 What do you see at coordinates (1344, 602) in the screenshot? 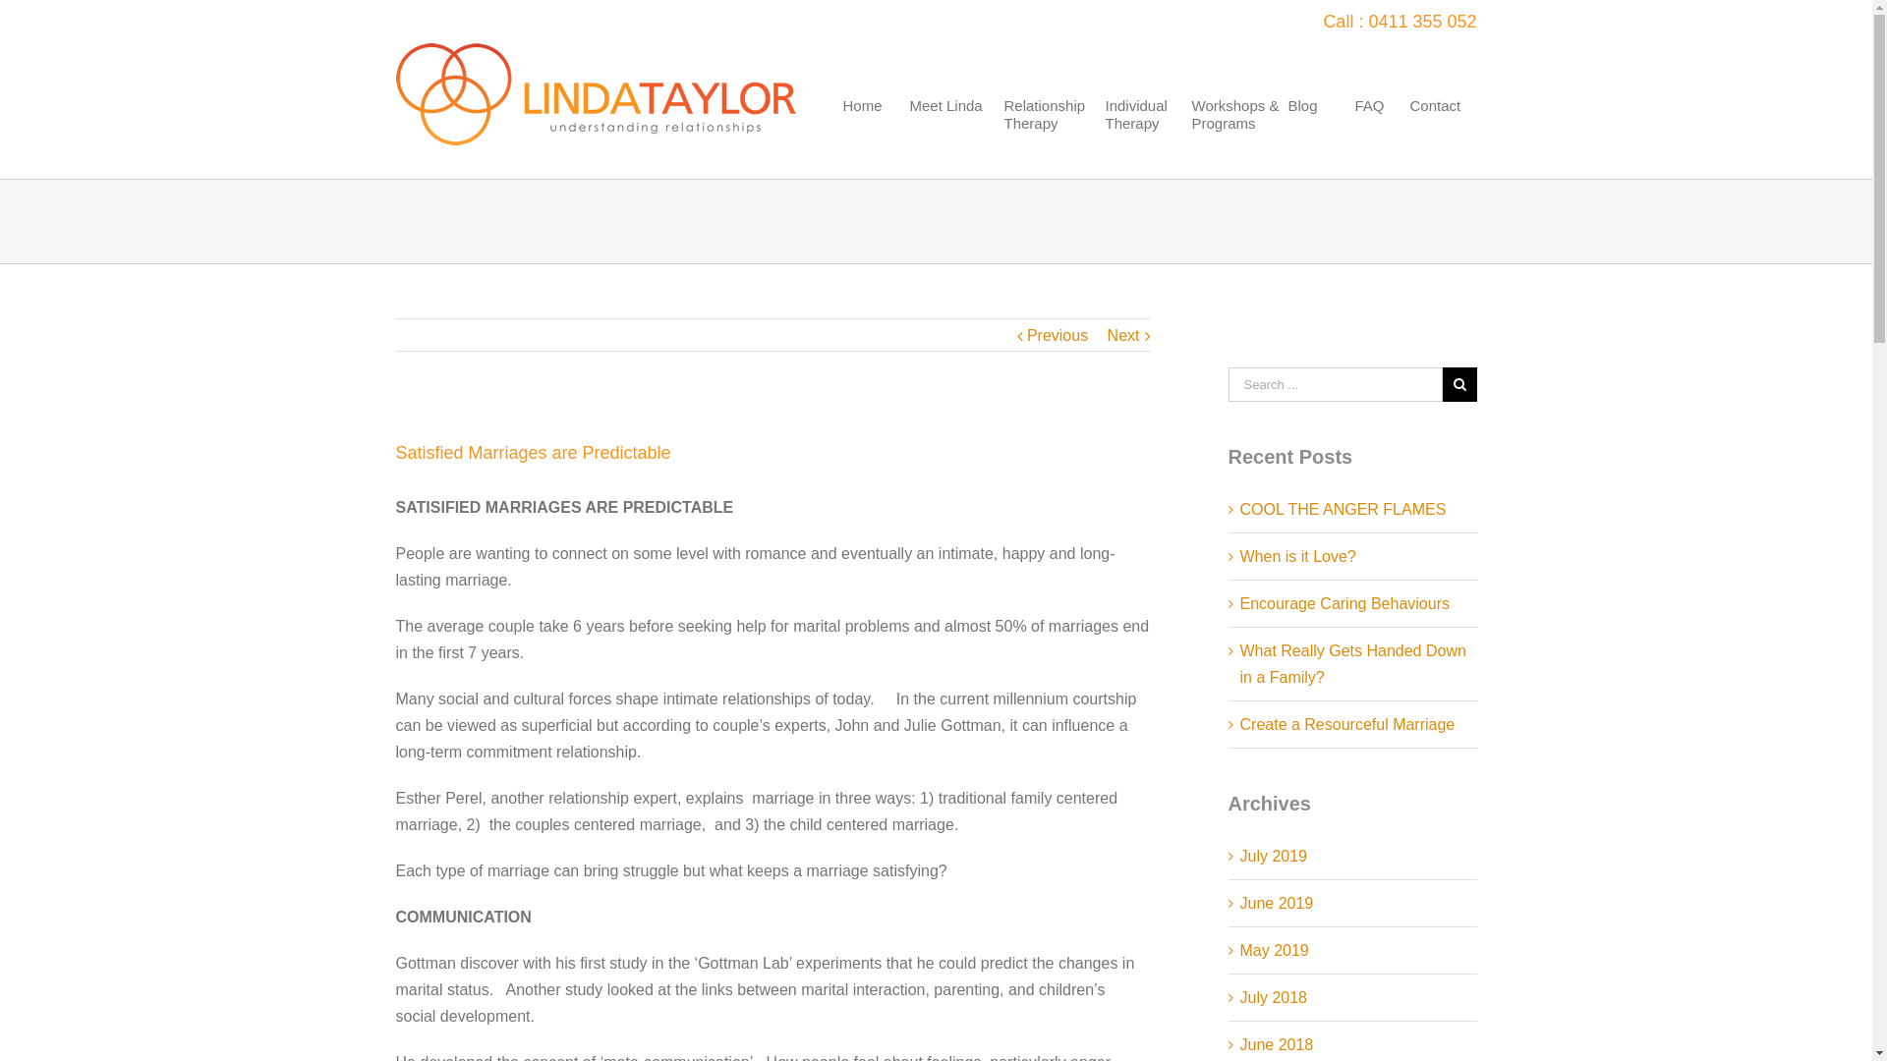
I see `'Encourage Caring Behaviours'` at bounding box center [1344, 602].